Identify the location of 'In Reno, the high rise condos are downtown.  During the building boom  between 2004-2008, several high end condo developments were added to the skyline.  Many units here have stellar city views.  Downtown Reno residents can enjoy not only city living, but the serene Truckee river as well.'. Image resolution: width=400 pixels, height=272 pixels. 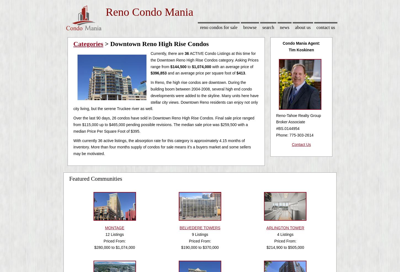
(166, 95).